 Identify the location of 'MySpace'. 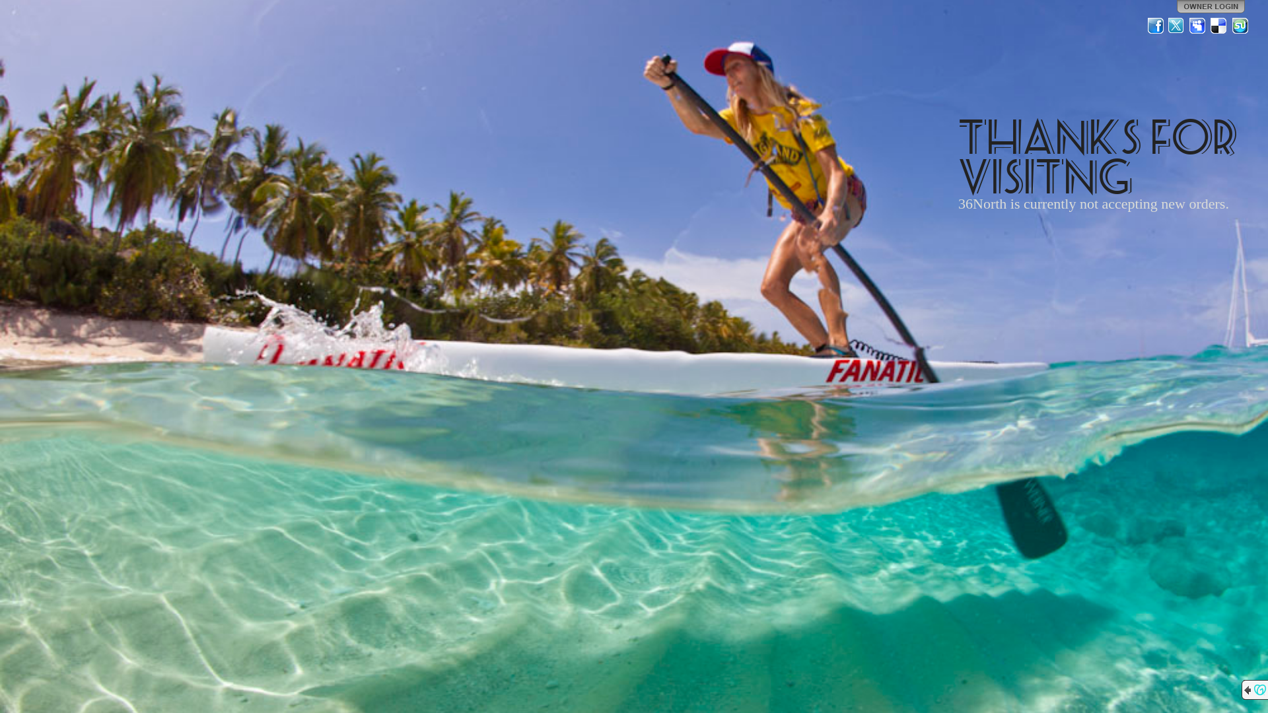
(1198, 25).